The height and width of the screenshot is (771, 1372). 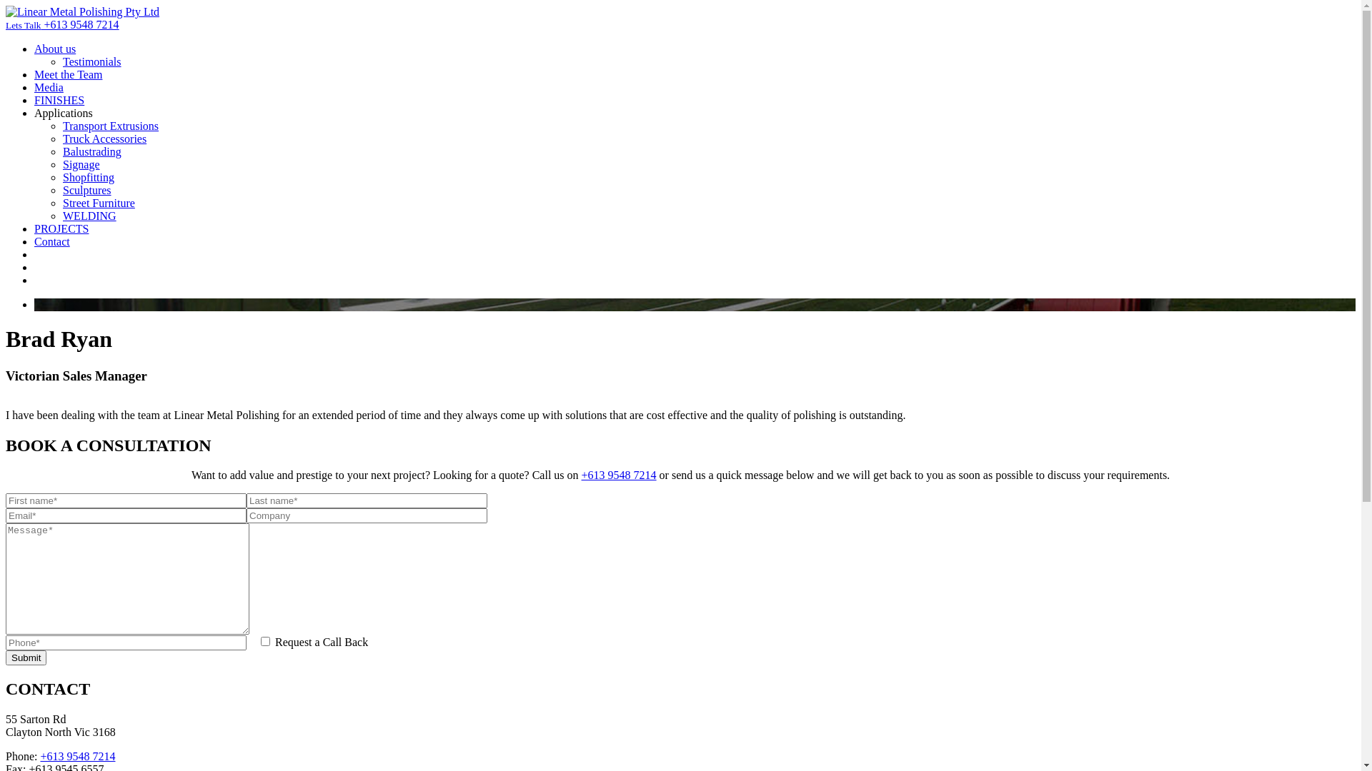 I want to click on 'Meet the Team', so click(x=67, y=74).